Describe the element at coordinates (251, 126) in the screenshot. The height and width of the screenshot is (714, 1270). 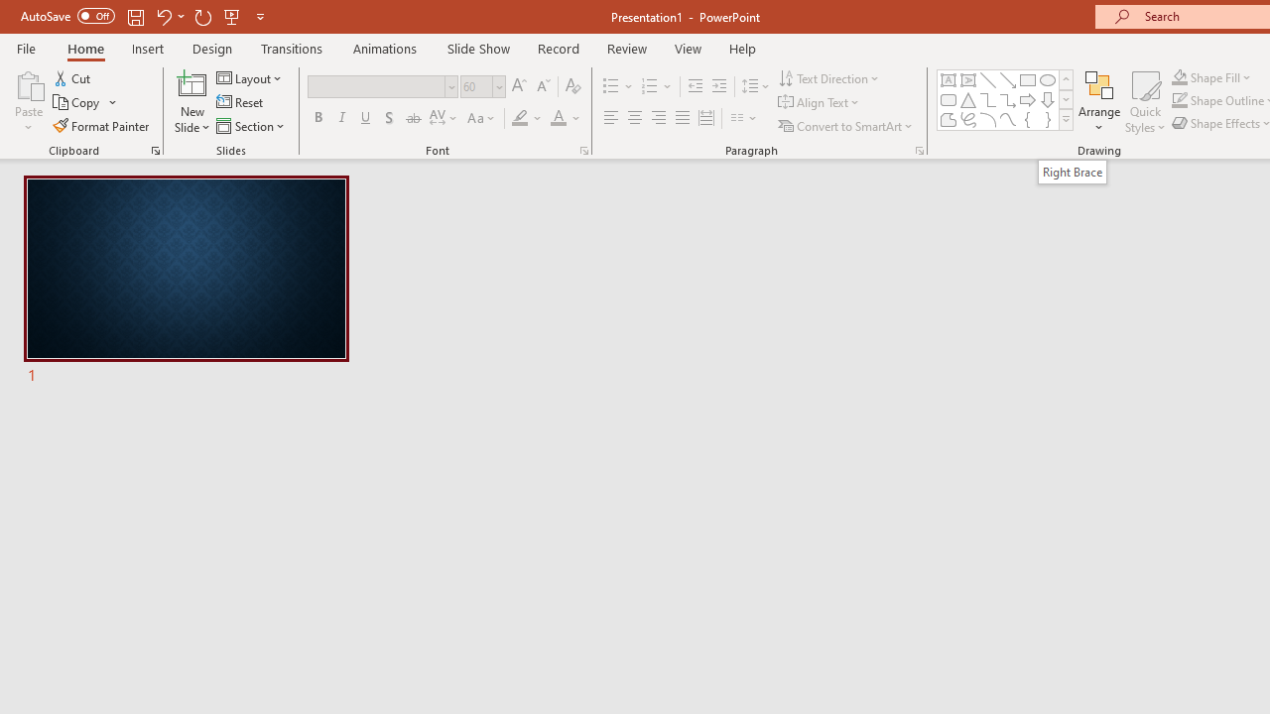
I see `'Section'` at that location.